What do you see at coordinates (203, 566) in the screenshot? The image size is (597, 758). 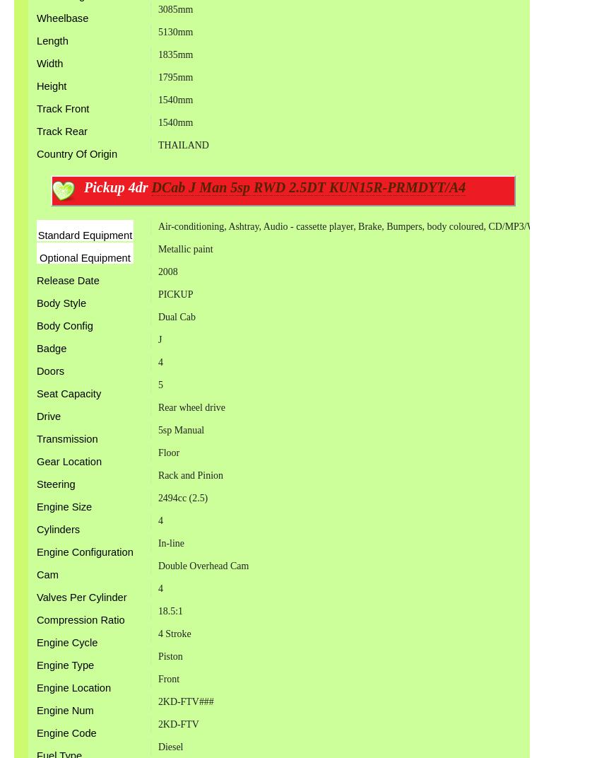 I see `'Double Overhead Cam'` at bounding box center [203, 566].